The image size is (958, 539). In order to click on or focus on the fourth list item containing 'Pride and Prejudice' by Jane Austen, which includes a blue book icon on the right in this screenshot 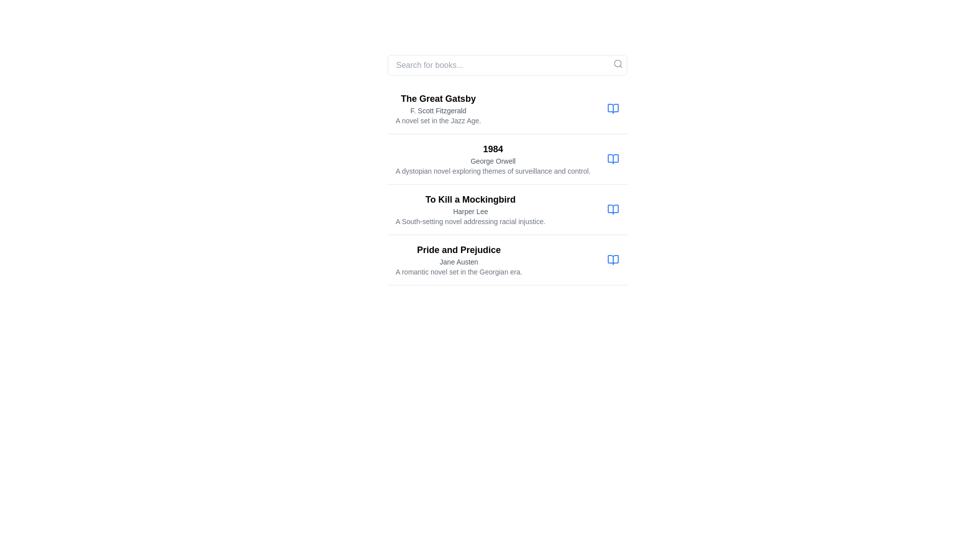, I will do `click(507, 260)`.